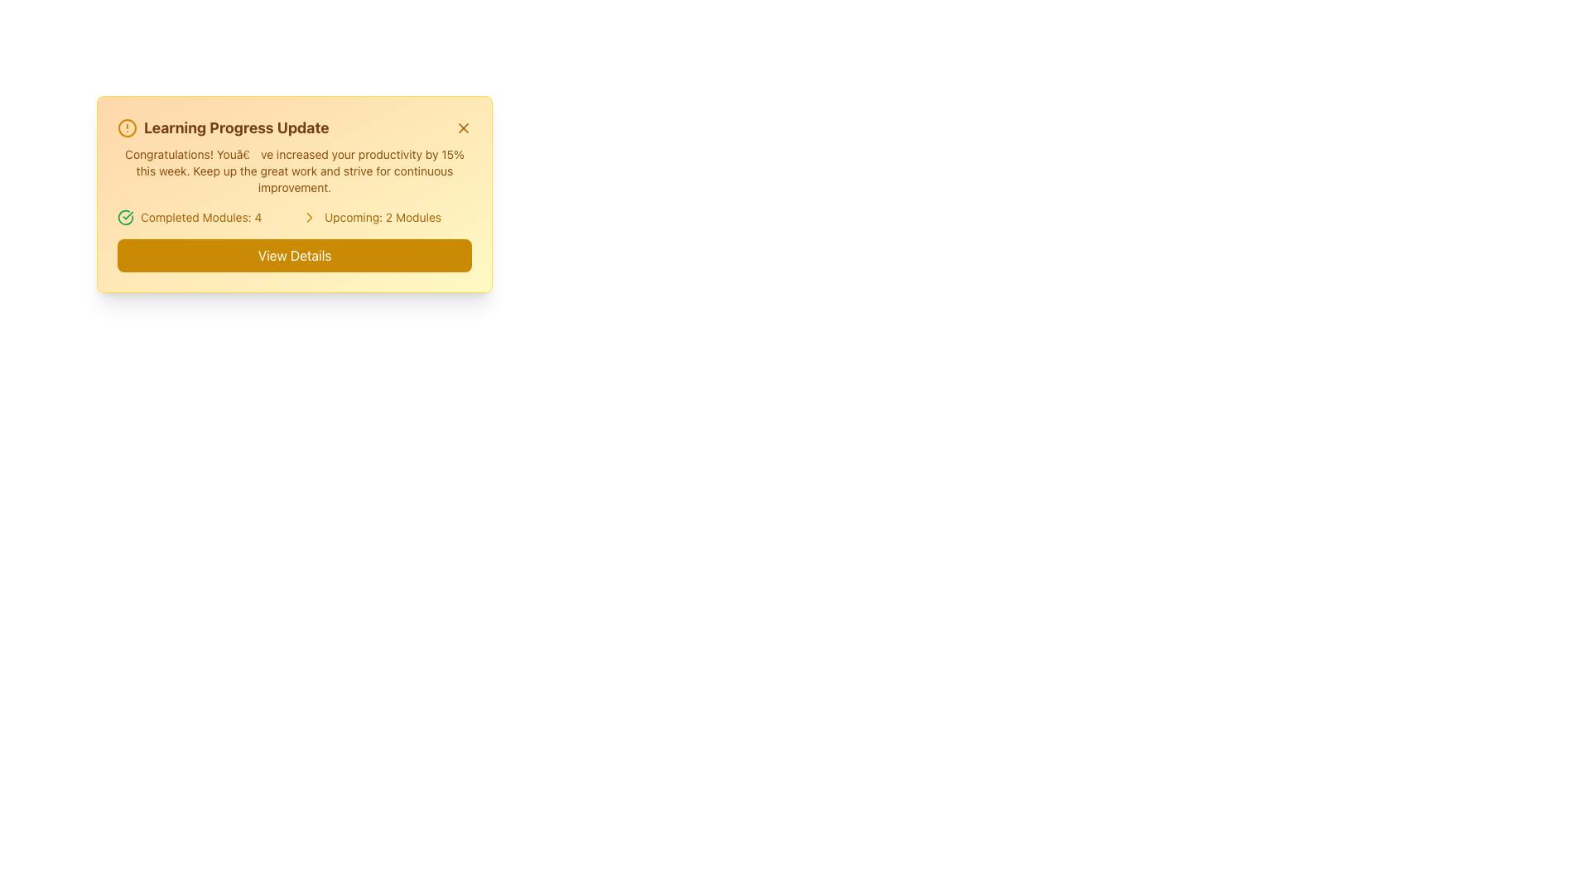 The height and width of the screenshot is (894, 1590). What do you see at coordinates (235, 127) in the screenshot?
I see `text header labeled 'Learning Progress Update' that is styled in large, bold, yellow-brown font within a light yellow notification box` at bounding box center [235, 127].